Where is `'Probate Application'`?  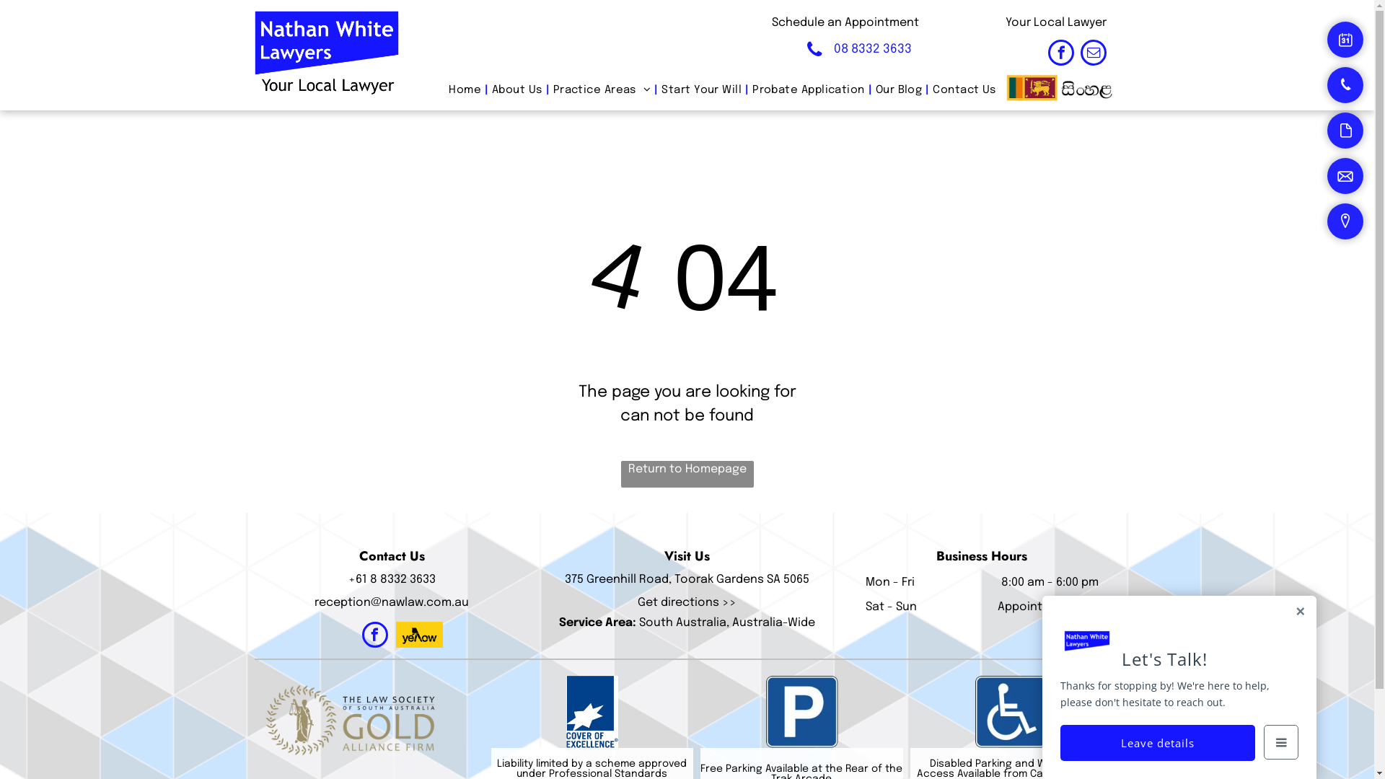
'Probate Application' is located at coordinates (809, 90).